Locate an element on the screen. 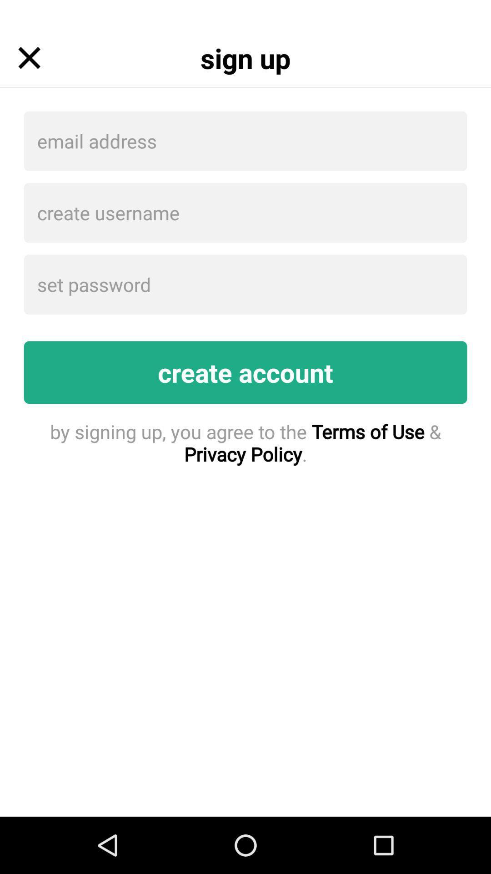  item below the create account is located at coordinates (245, 442).